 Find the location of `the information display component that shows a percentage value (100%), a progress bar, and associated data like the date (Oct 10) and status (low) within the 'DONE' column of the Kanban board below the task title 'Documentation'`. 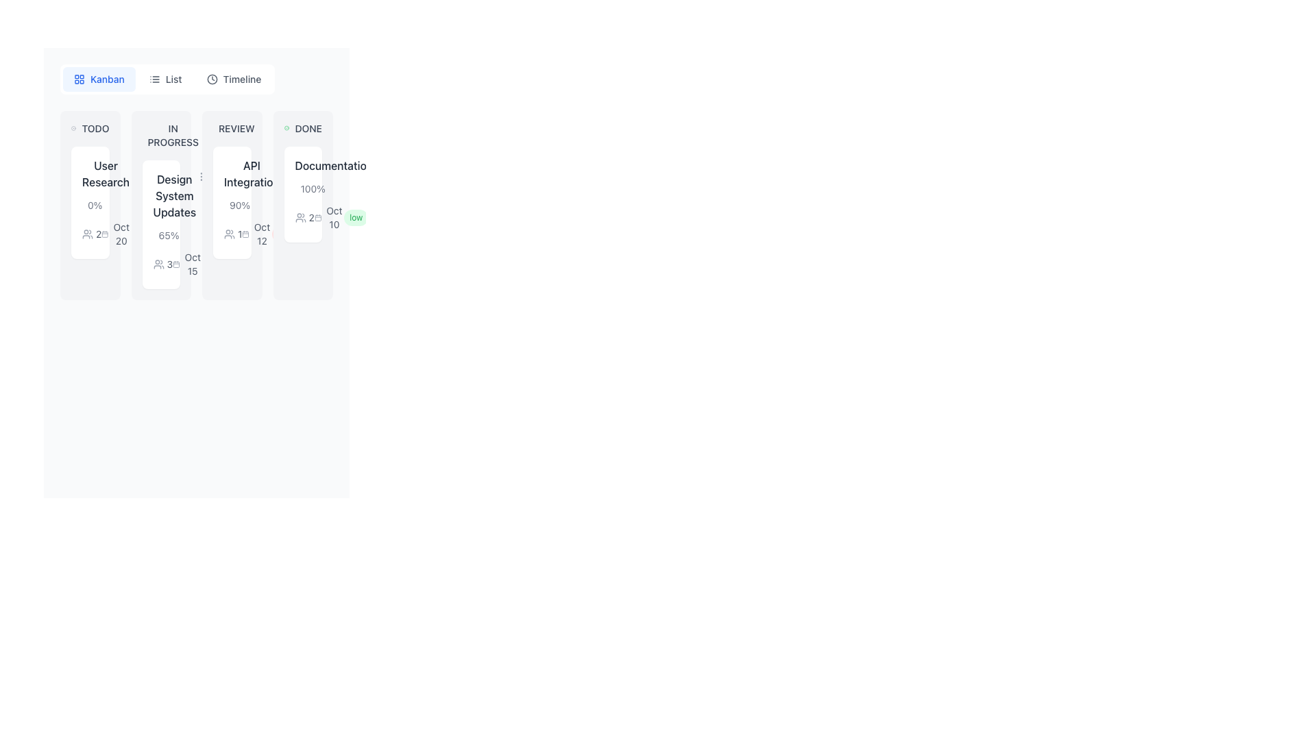

the information display component that shows a percentage value (100%), a progress bar, and associated data like the date (Oct 10) and status (low) within the 'DONE' column of the Kanban board below the task title 'Documentation' is located at coordinates (302, 206).